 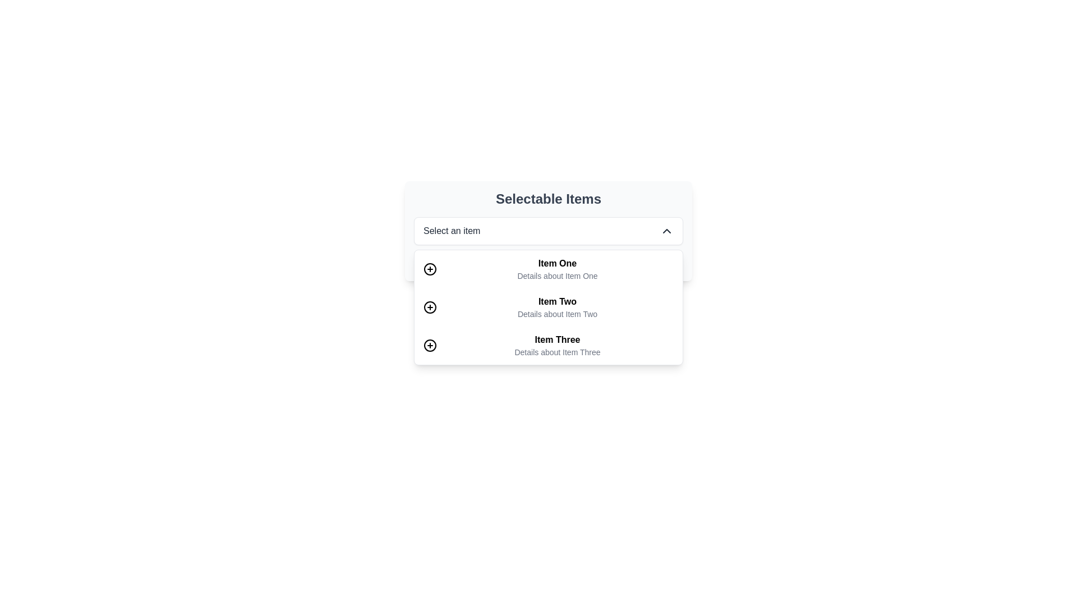 What do you see at coordinates (549, 307) in the screenshot?
I see `the dropdown menu item located below the 'Select an item' dropdown` at bounding box center [549, 307].